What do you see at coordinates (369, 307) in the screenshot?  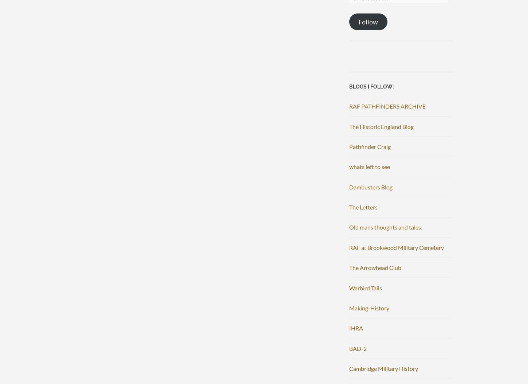 I see `'Making-History'` at bounding box center [369, 307].